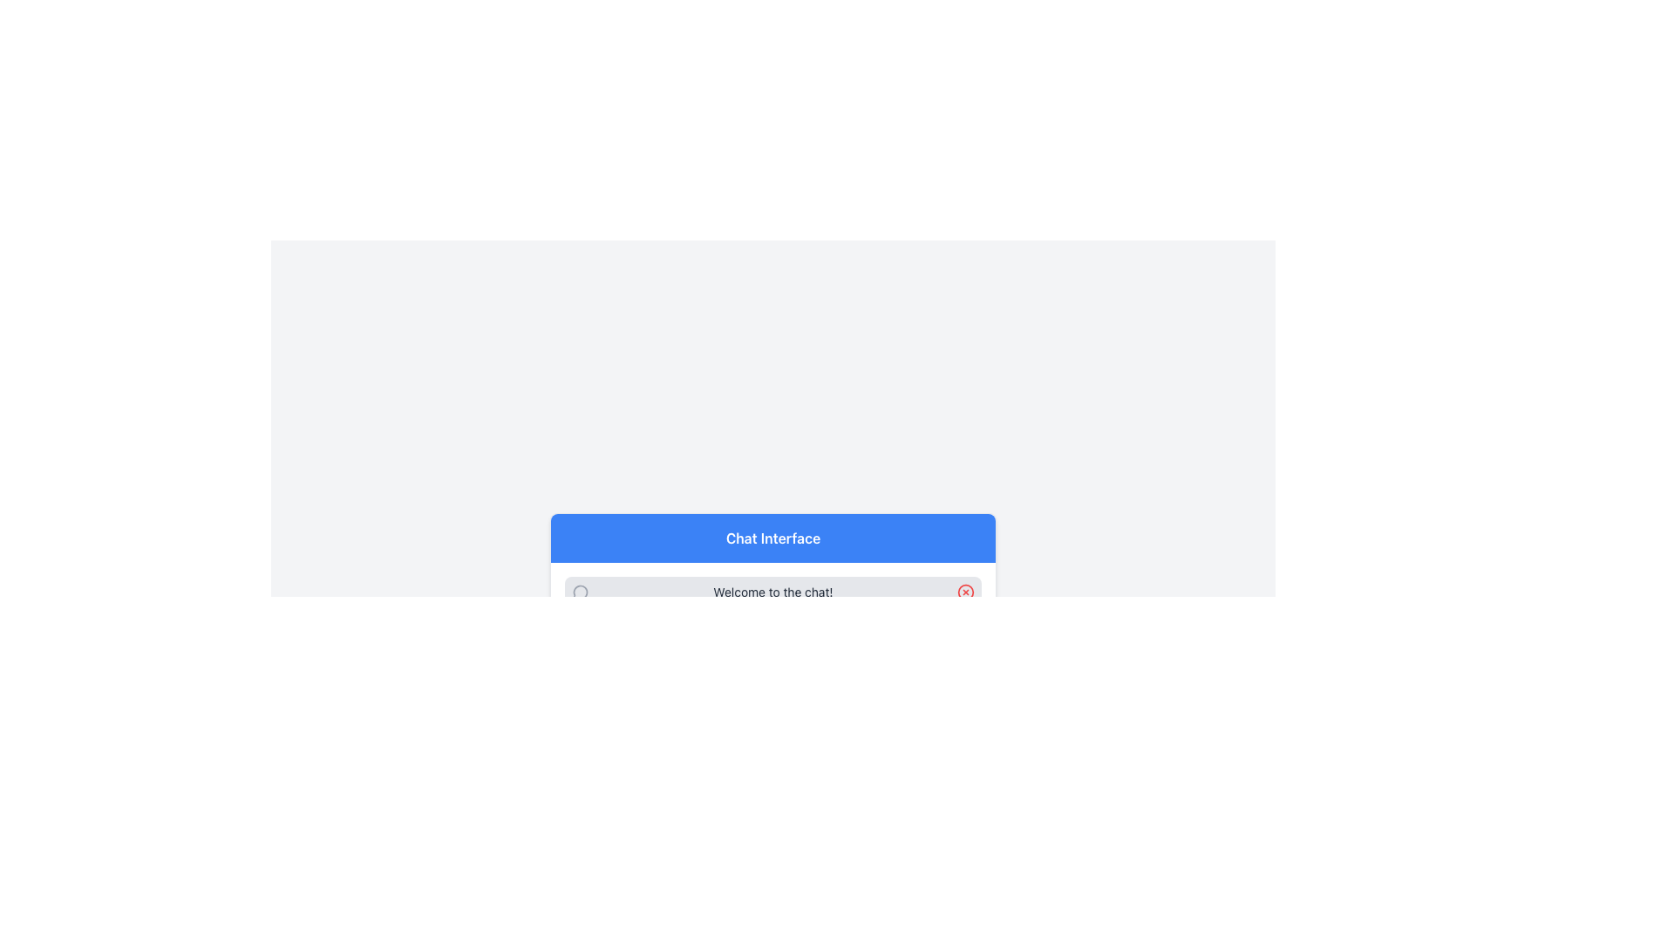 This screenshot has width=1674, height=941. What do you see at coordinates (965, 591) in the screenshot?
I see `the dismiss button icon located in the top-right corner of the message notification area to trigger the hover effect` at bounding box center [965, 591].